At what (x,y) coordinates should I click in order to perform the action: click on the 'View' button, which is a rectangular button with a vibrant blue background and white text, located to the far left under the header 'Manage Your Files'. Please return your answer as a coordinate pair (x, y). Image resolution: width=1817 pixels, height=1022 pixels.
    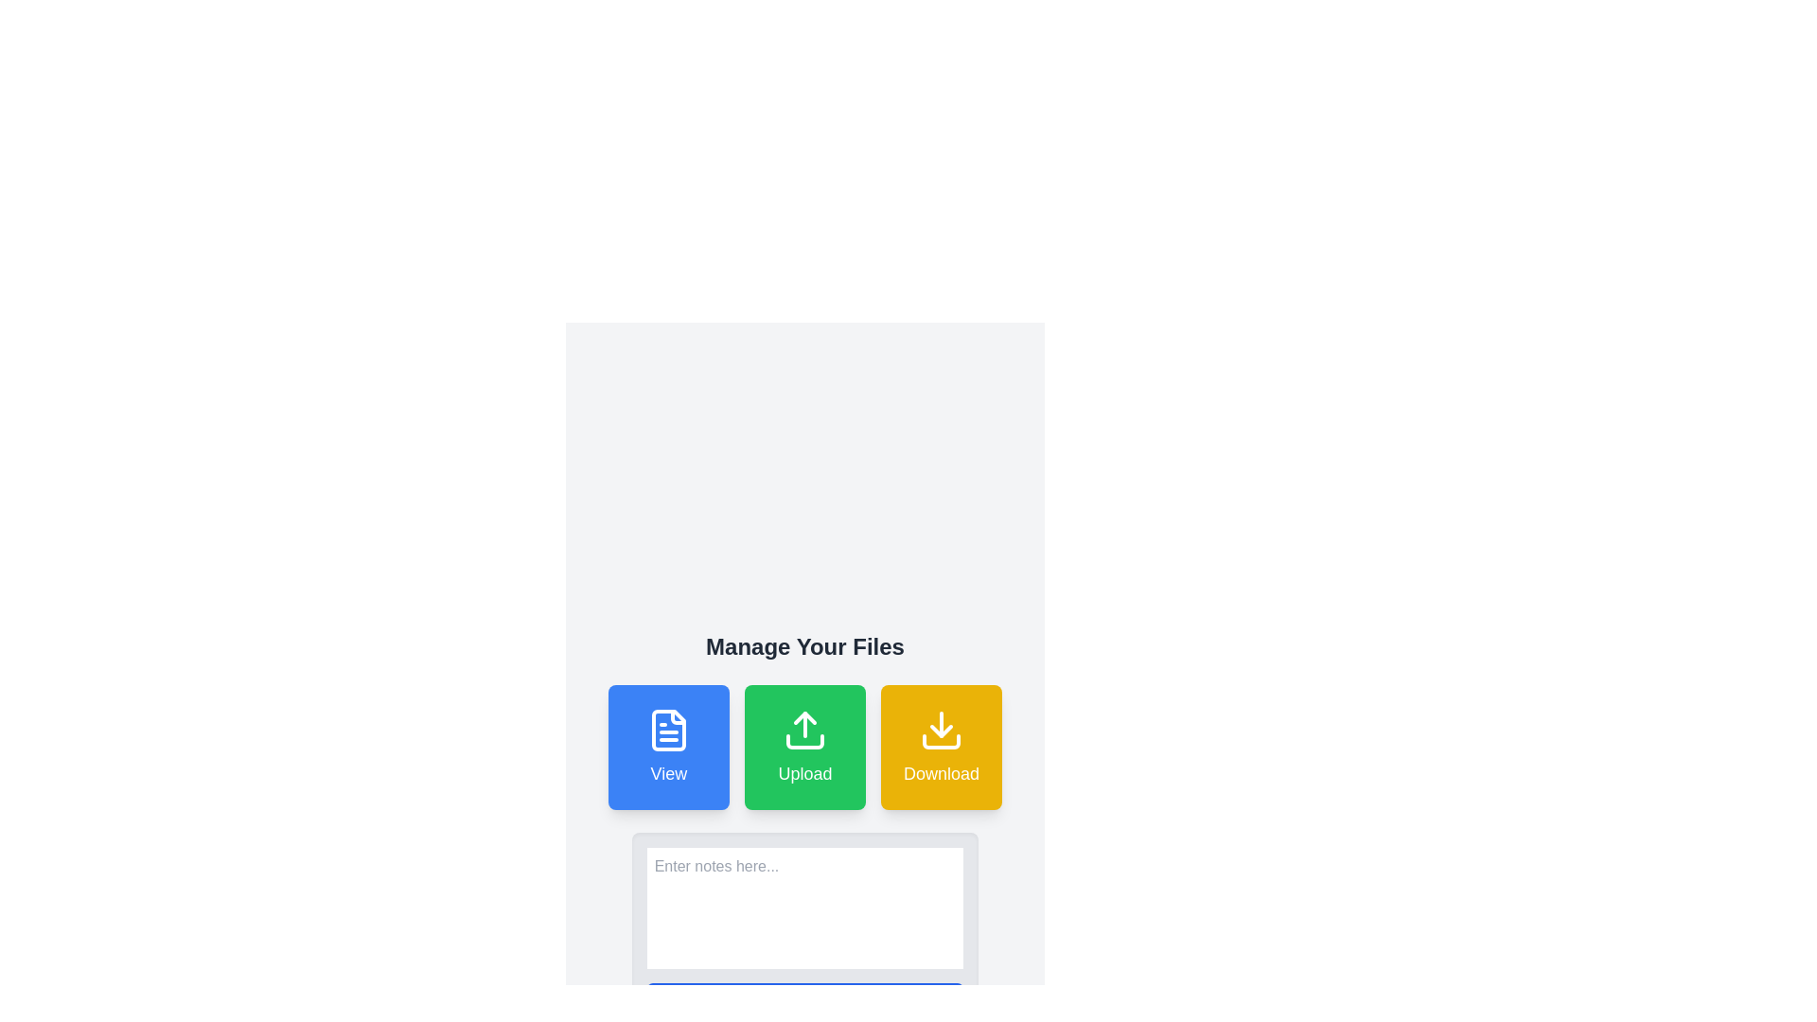
    Looking at the image, I should click on (668, 746).